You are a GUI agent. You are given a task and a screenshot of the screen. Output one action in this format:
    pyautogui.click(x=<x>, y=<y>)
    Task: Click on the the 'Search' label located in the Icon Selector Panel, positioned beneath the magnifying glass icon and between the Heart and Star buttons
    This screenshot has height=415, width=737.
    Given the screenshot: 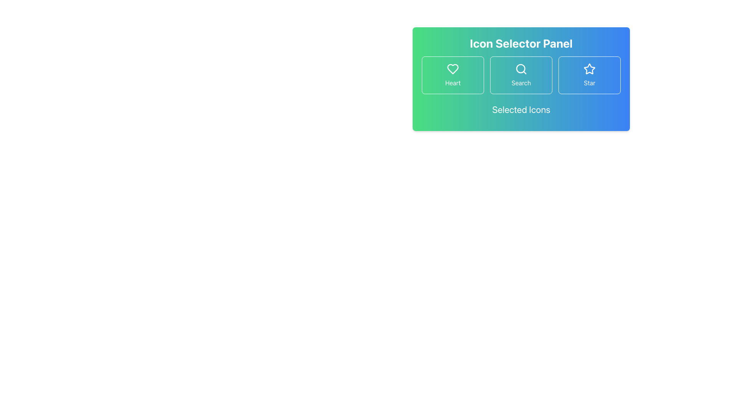 What is the action you would take?
    pyautogui.click(x=521, y=83)
    